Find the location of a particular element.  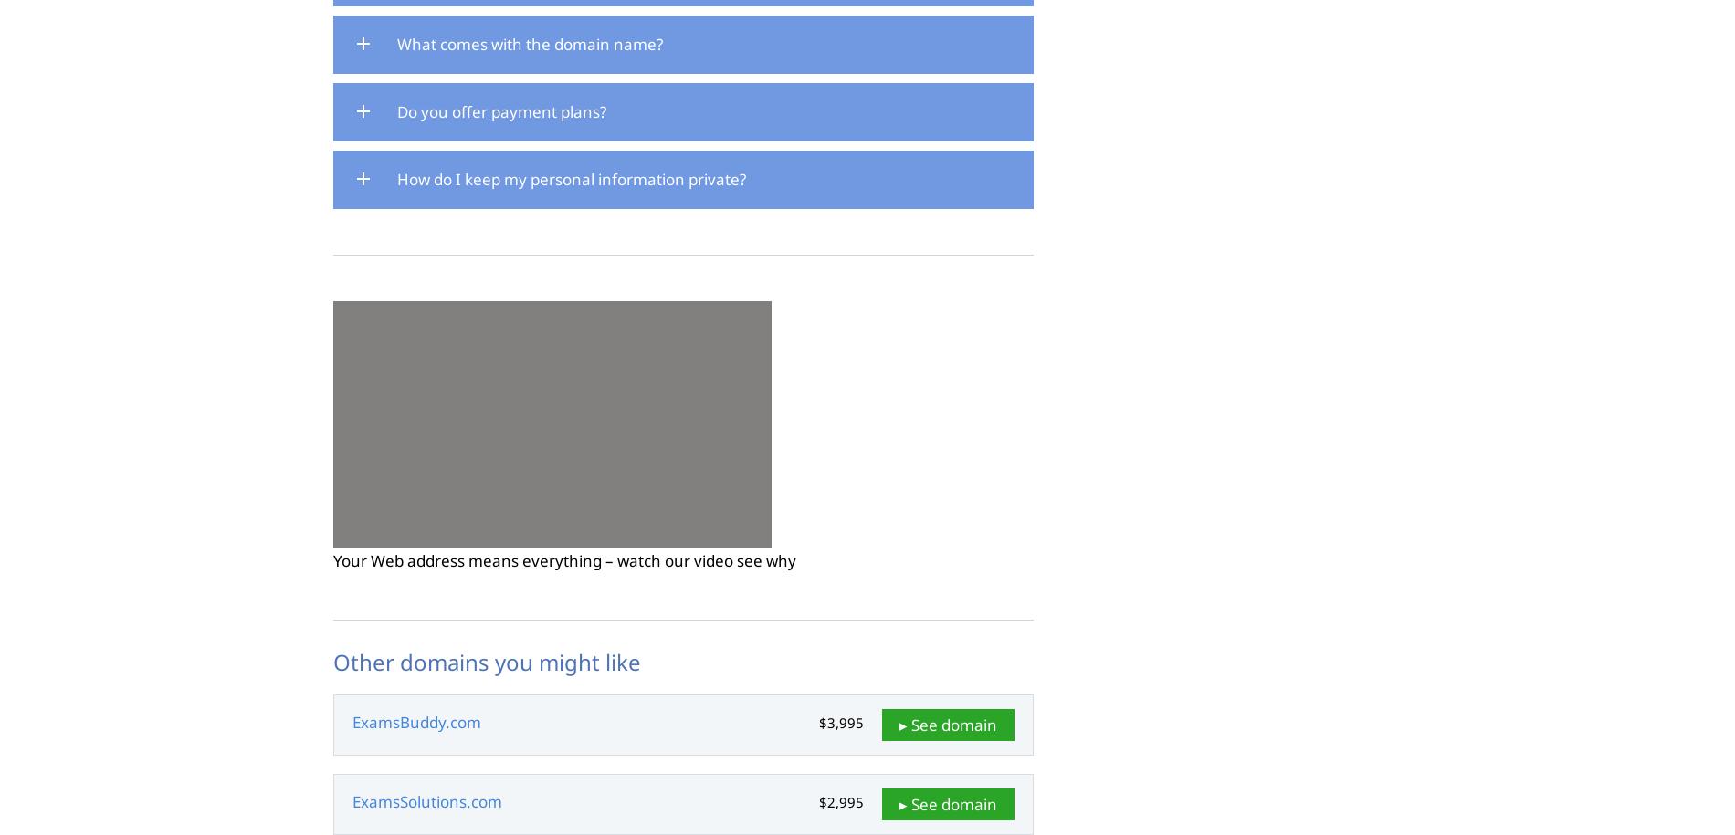

'Your Web address means everything – watch our video see why' is located at coordinates (331, 559).